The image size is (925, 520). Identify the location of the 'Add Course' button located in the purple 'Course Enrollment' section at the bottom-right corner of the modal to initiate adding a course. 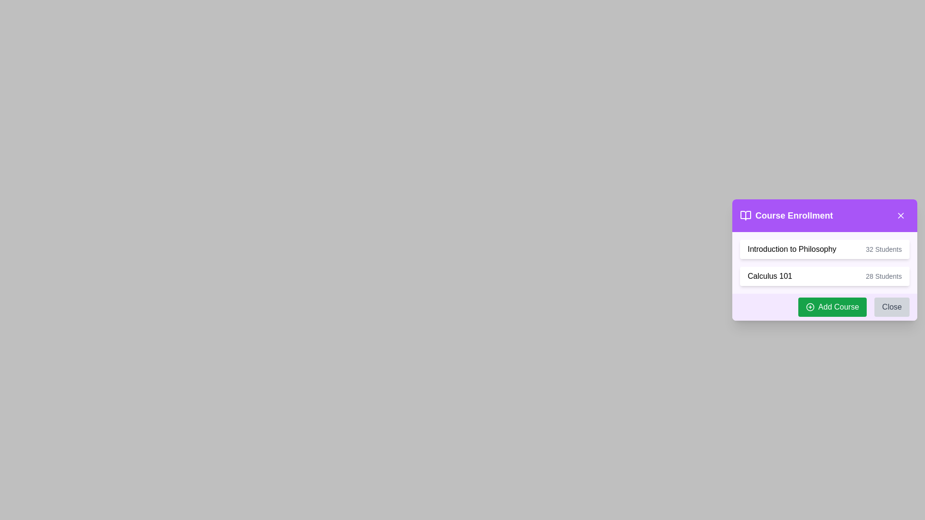
(832, 307).